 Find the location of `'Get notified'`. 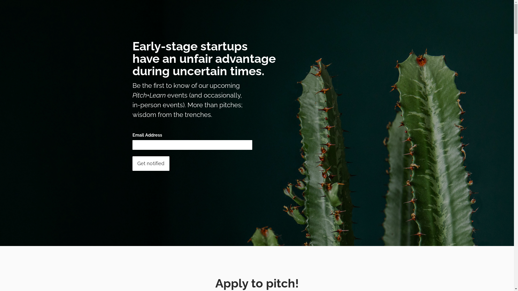

'Get notified' is located at coordinates (151, 163).